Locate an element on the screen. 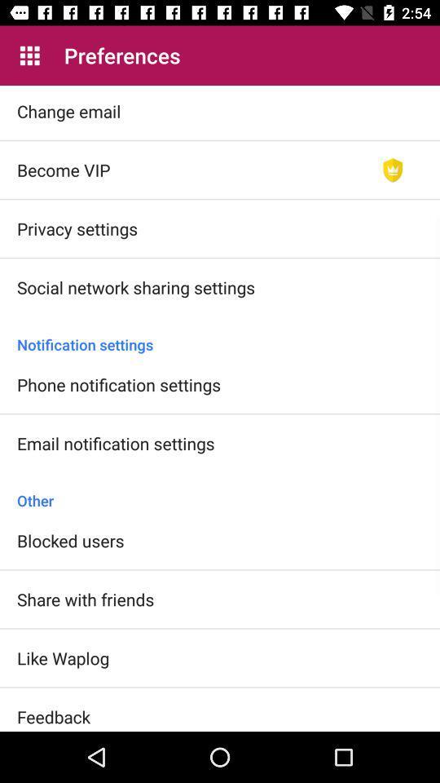 The height and width of the screenshot is (783, 440). the blocked users item is located at coordinates (69, 540).